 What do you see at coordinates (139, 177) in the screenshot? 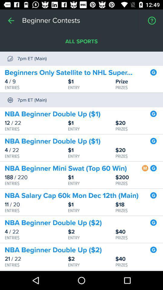
I see `$200` at bounding box center [139, 177].